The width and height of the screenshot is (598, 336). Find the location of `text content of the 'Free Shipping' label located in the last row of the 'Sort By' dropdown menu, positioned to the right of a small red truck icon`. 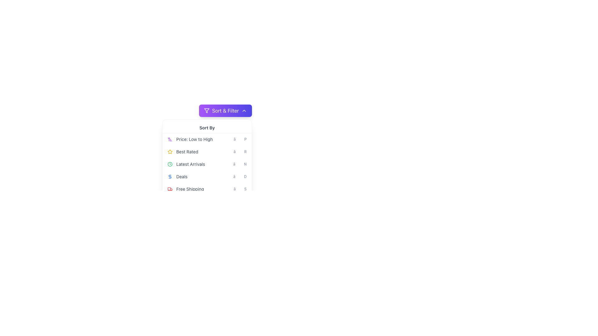

text content of the 'Free Shipping' label located in the last row of the 'Sort By' dropdown menu, positioned to the right of a small red truck icon is located at coordinates (190, 189).